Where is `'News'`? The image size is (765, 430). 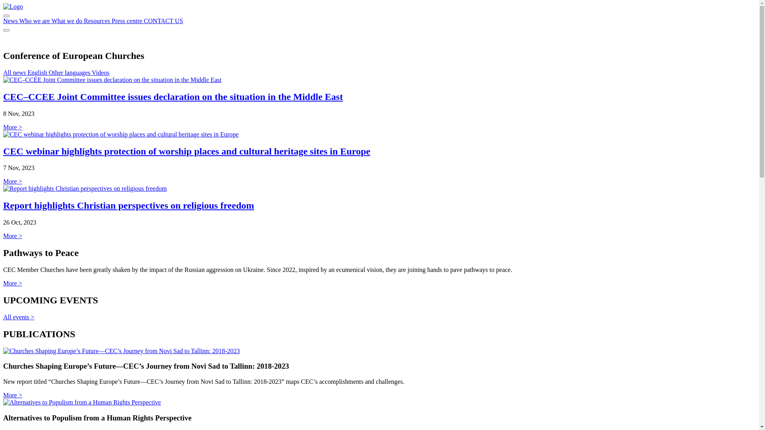
'News' is located at coordinates (3, 20).